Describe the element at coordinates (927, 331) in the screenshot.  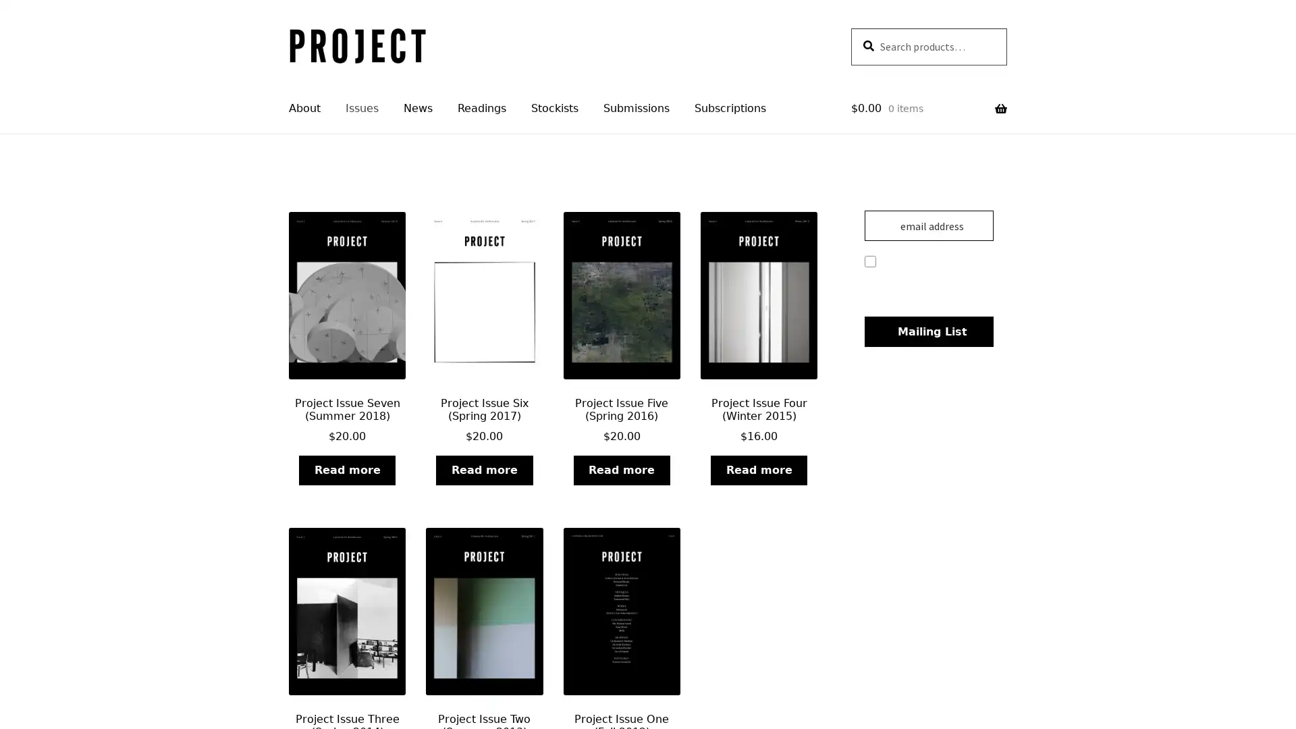
I see `Mailing List` at that location.